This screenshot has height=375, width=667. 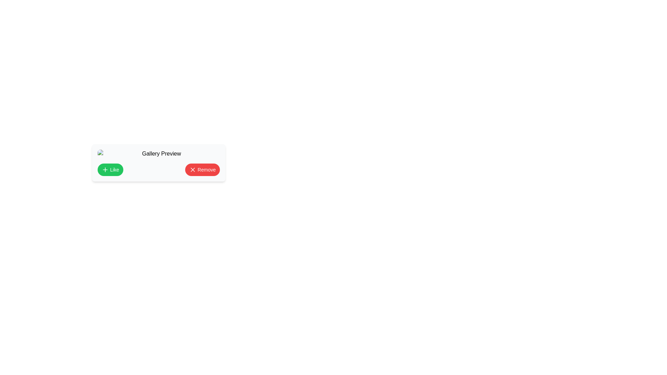 What do you see at coordinates (202, 170) in the screenshot?
I see `the red 'Remove' button with a white cross icon` at bounding box center [202, 170].